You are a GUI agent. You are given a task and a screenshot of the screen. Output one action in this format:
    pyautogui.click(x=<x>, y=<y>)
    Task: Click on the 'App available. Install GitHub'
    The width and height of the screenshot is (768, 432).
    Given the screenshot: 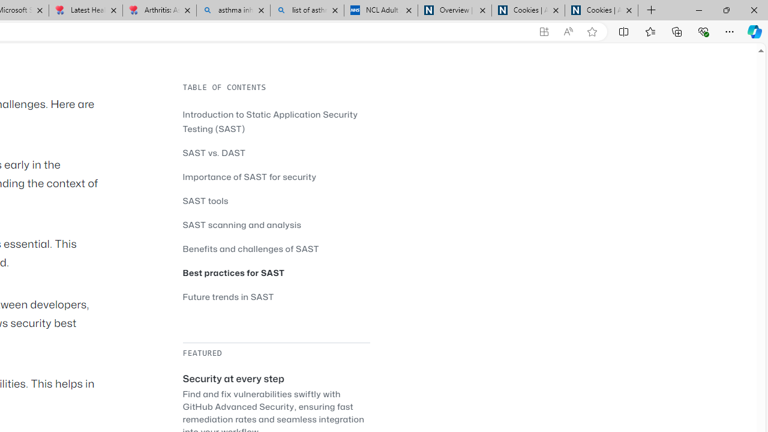 What is the action you would take?
    pyautogui.click(x=543, y=31)
    